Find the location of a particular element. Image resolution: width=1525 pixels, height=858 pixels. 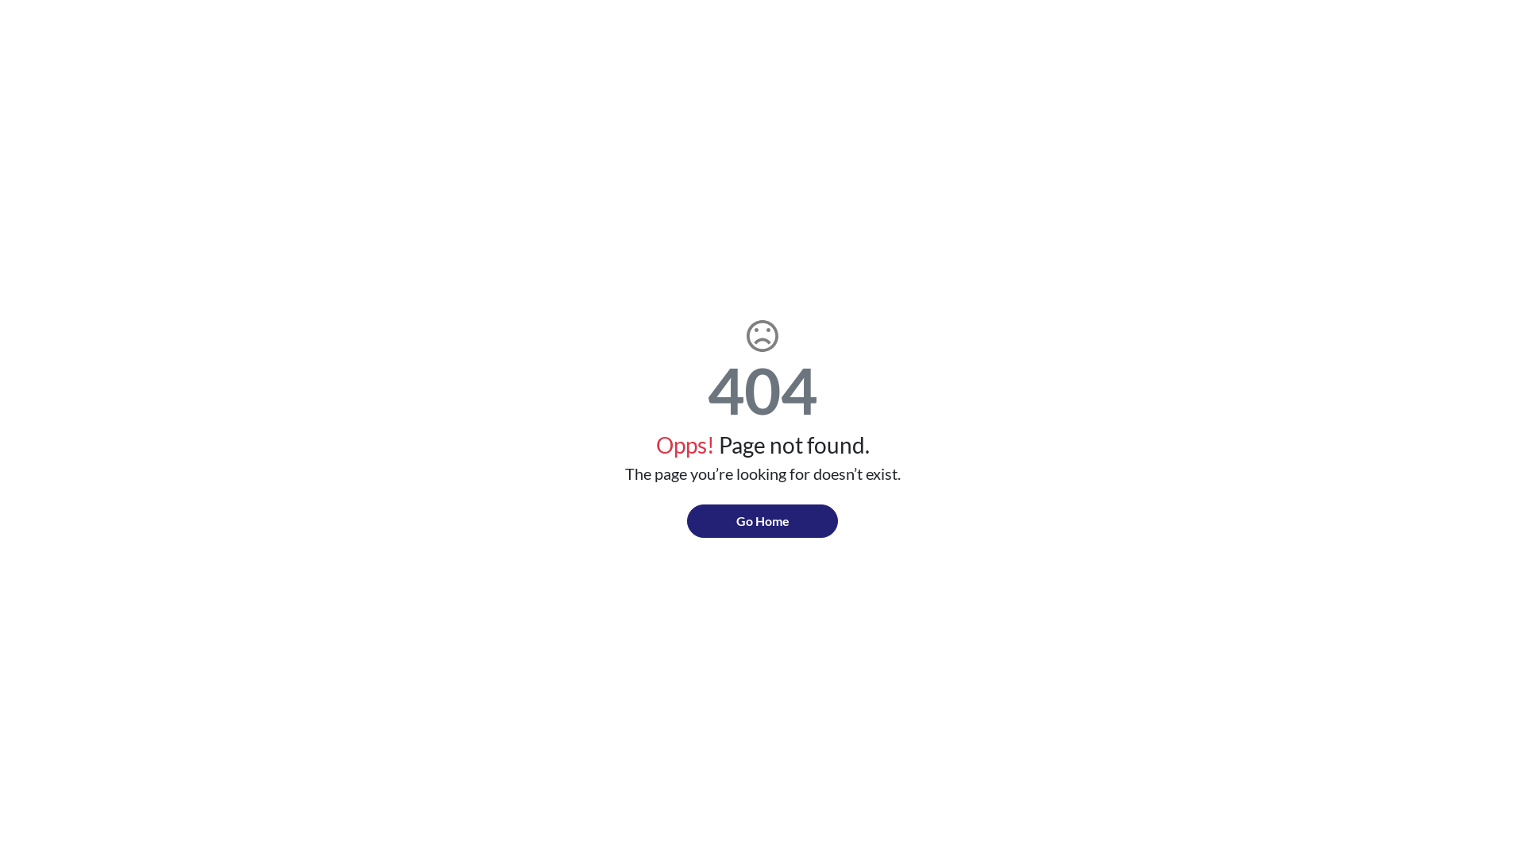

'Go Home' is located at coordinates (762, 520).